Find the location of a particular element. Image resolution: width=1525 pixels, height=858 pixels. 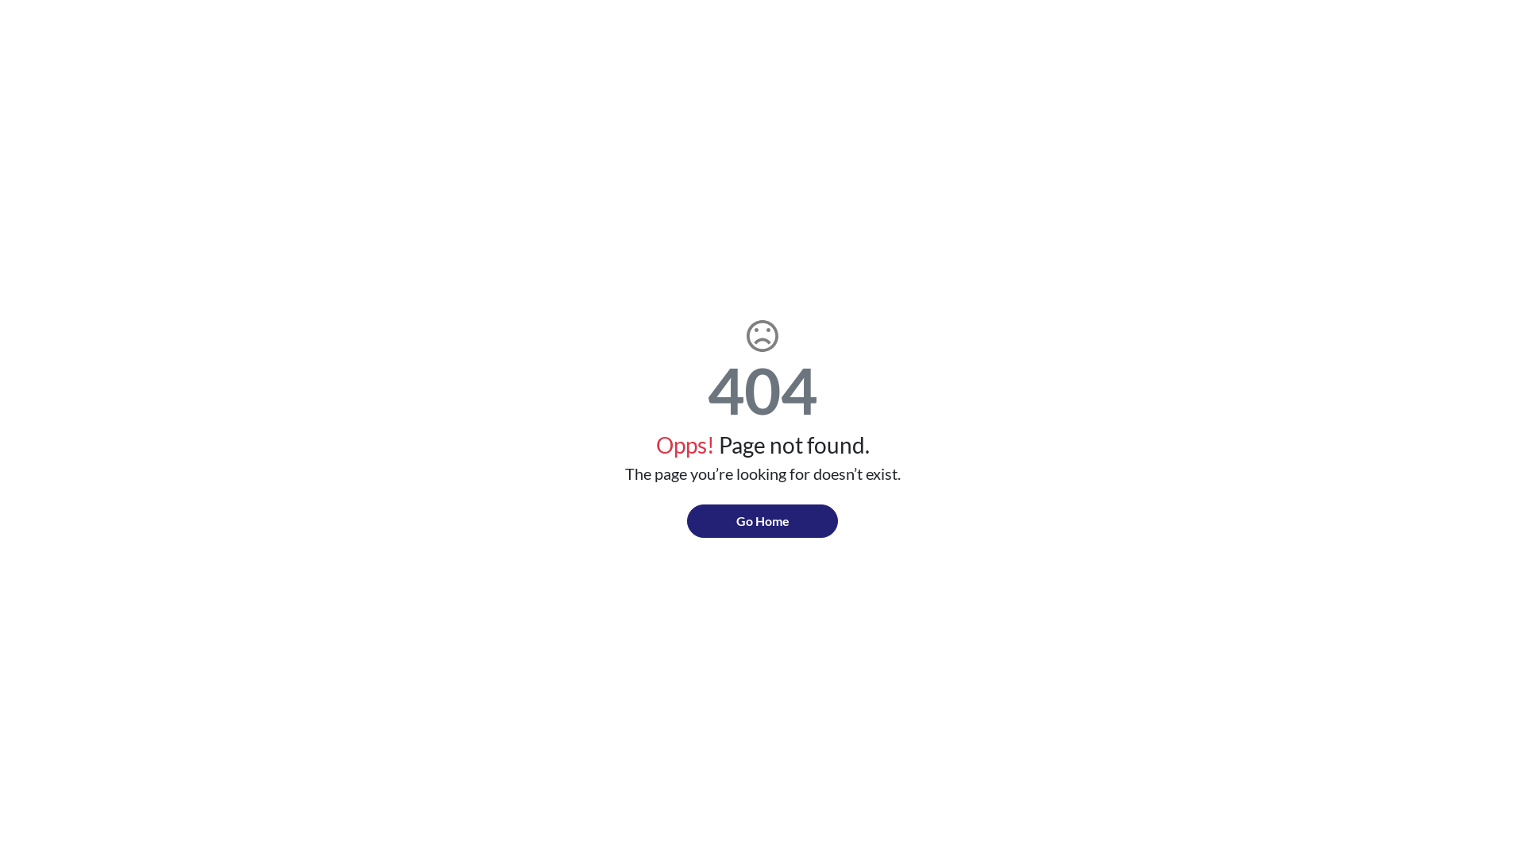

'Go Home' is located at coordinates (762, 520).